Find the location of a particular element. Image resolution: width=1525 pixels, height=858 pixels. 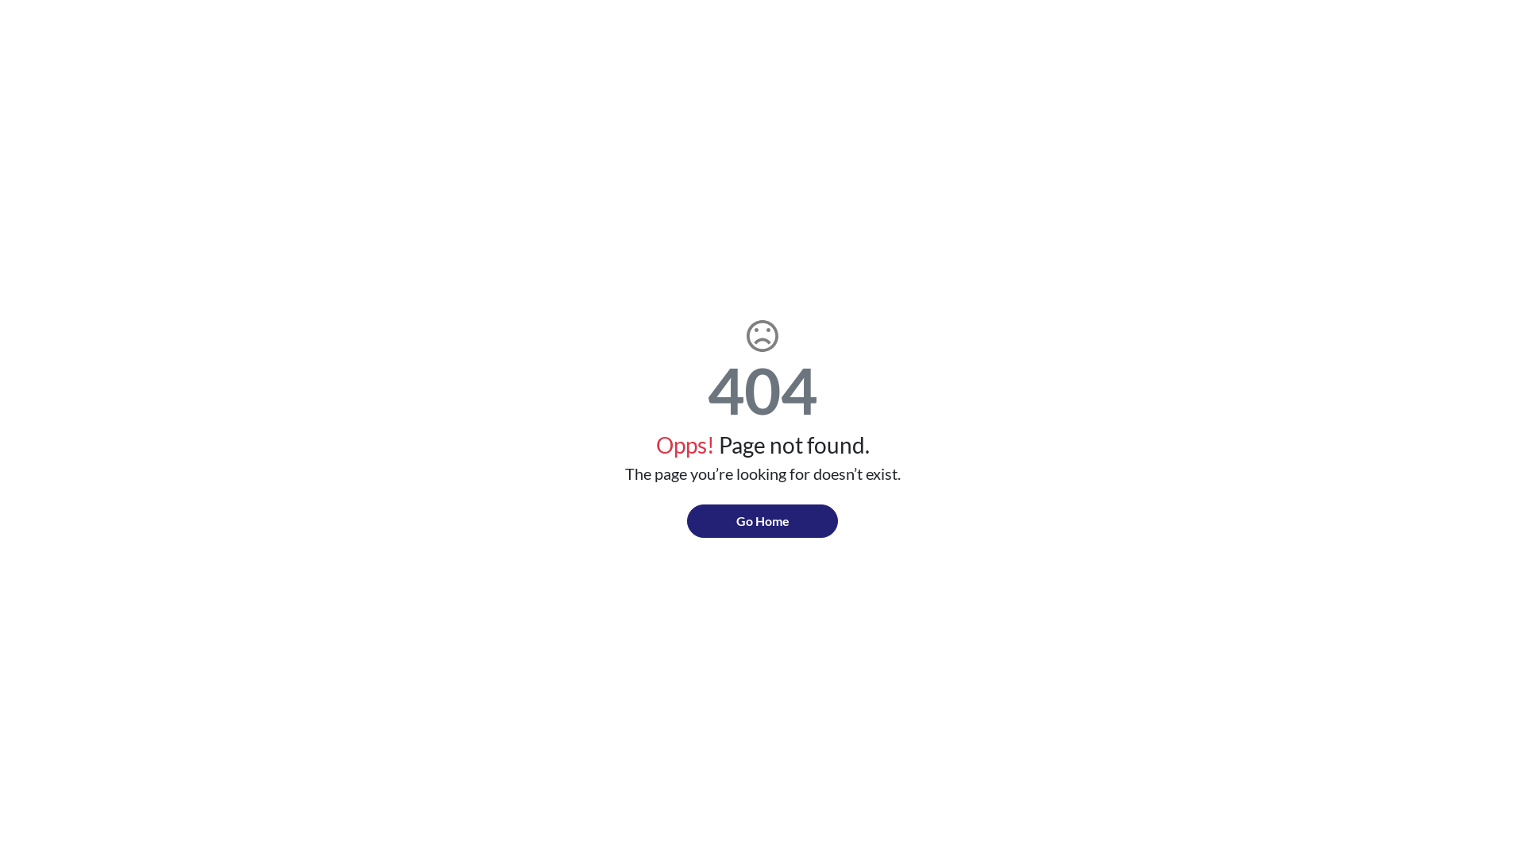

'Go Home' is located at coordinates (762, 520).